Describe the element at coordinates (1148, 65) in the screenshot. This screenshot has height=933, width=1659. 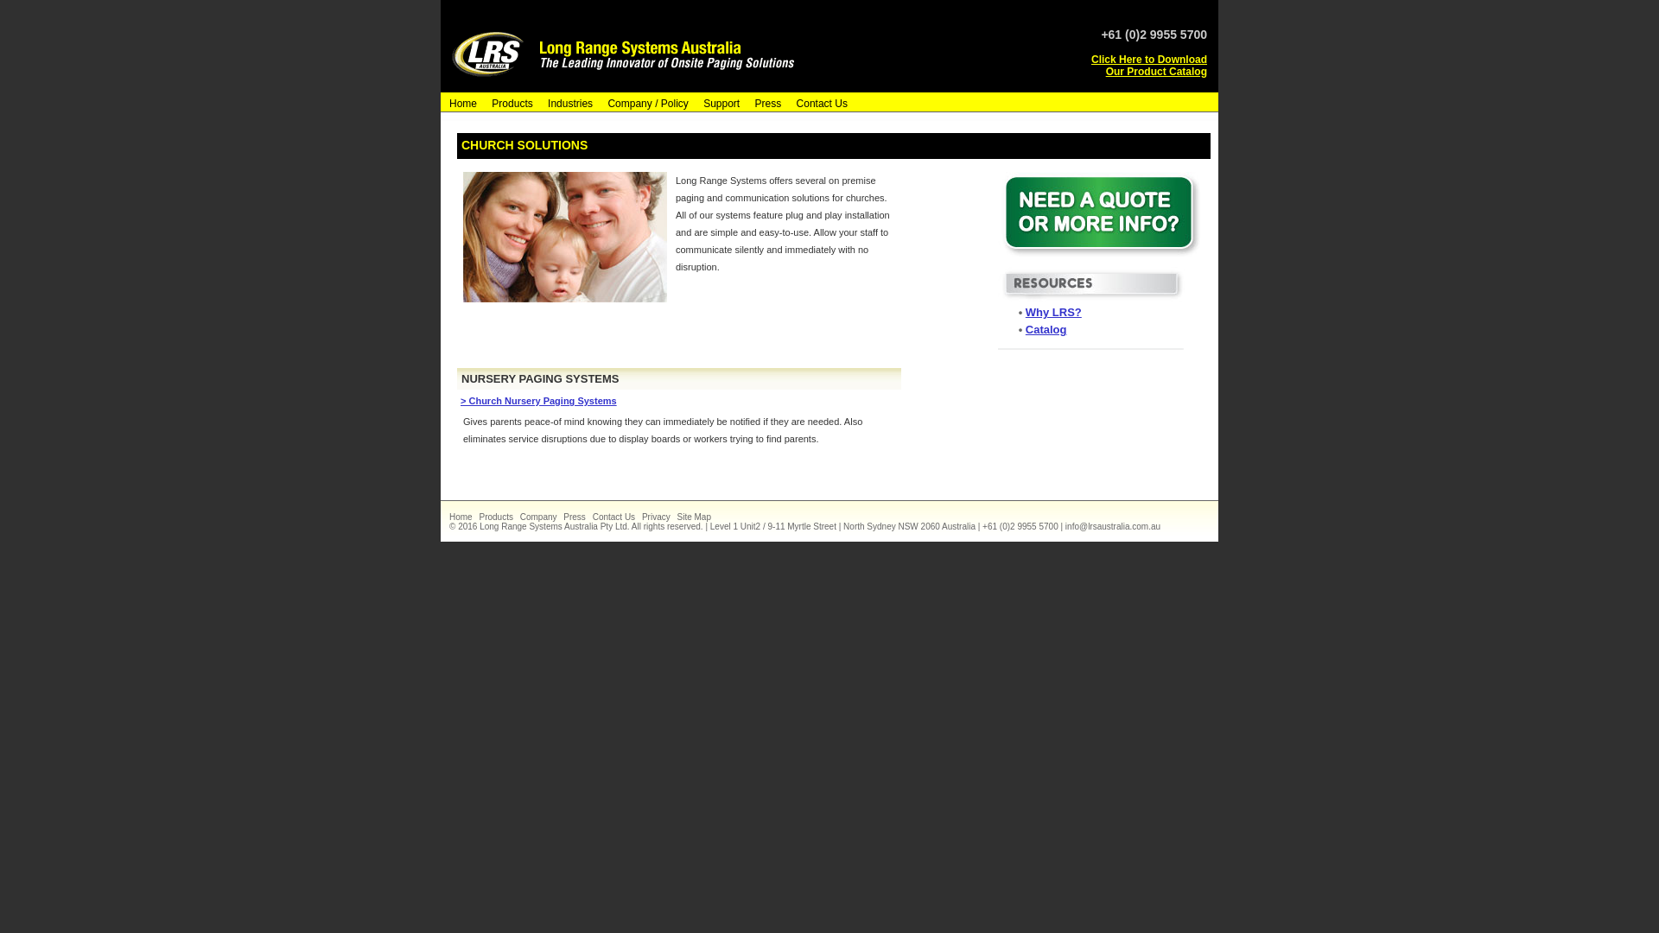
I see `'Click Here to Download` at that location.